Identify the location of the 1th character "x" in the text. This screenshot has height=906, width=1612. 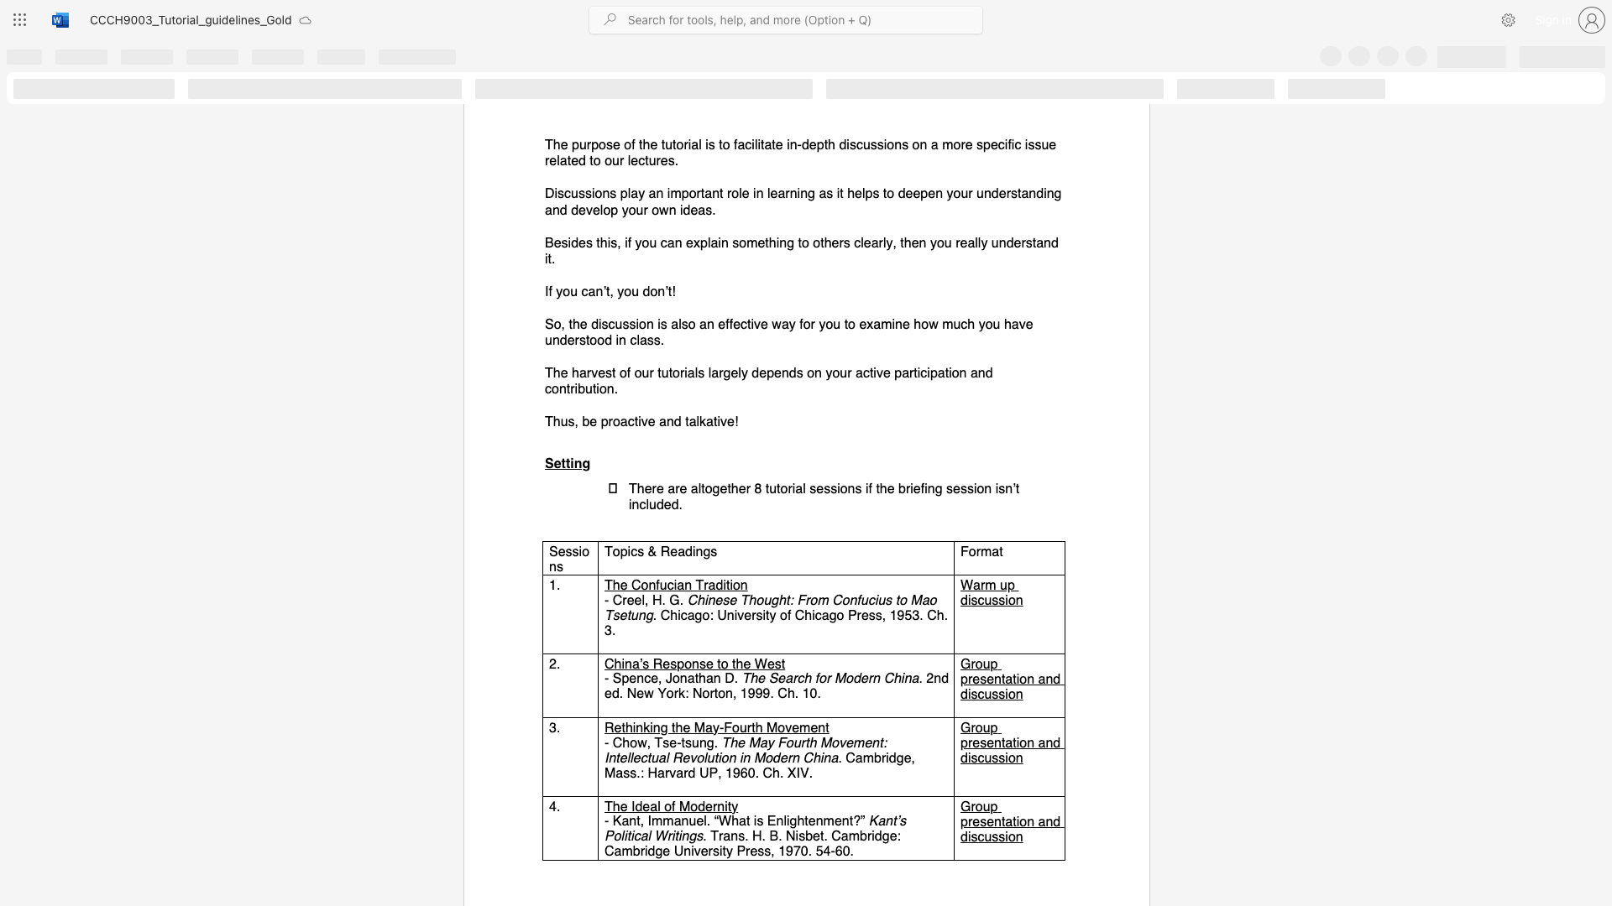
(870, 324).